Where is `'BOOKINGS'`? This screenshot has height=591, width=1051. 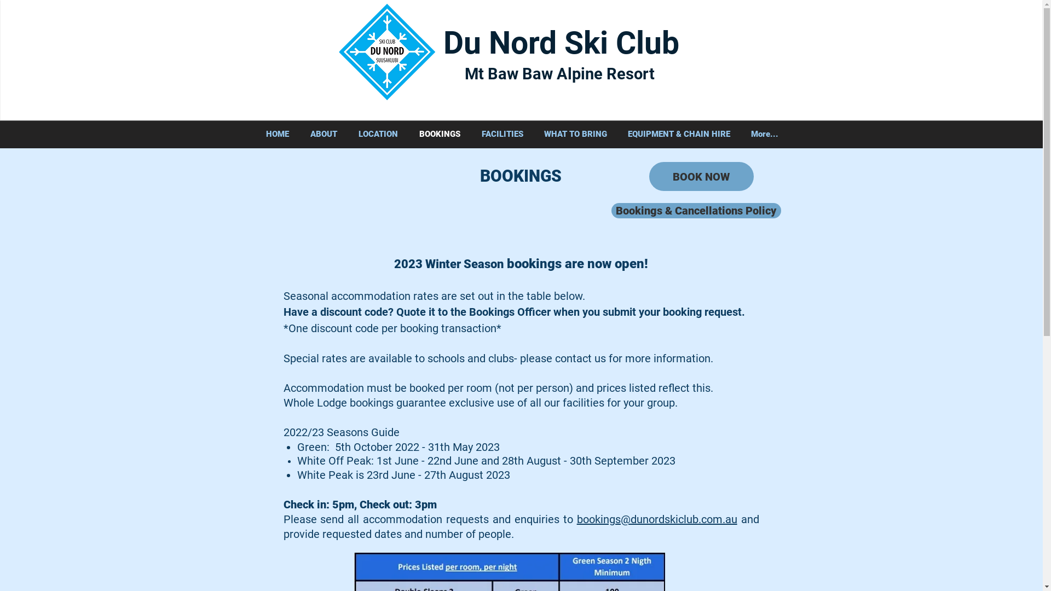 'BOOKINGS' is located at coordinates (439, 134).